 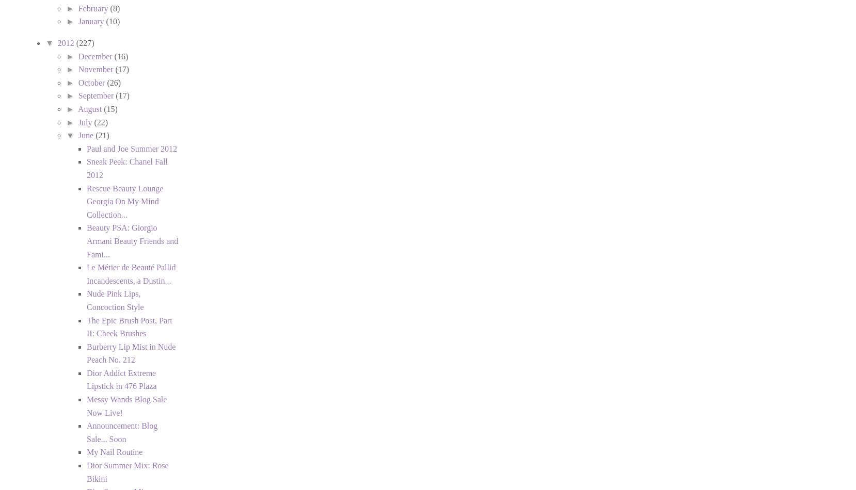 What do you see at coordinates (86, 431) in the screenshot?
I see `'Announcement: Blog Sale... Soon'` at bounding box center [86, 431].